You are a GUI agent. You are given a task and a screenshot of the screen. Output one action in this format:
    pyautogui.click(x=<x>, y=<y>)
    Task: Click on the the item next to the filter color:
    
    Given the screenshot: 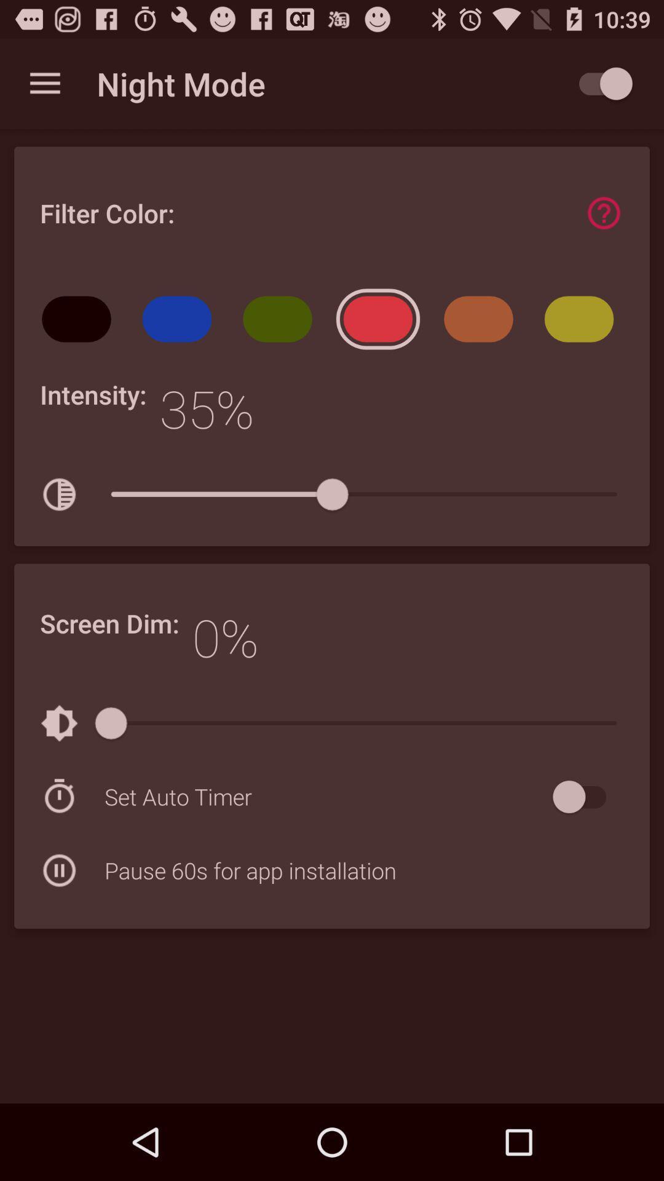 What is the action you would take?
    pyautogui.click(x=603, y=213)
    